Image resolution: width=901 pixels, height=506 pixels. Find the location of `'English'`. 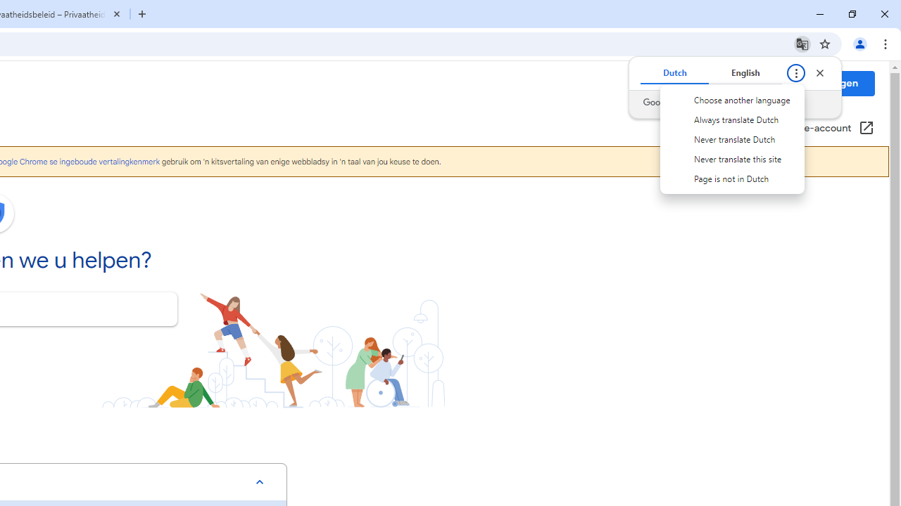

'English' is located at coordinates (745, 73).